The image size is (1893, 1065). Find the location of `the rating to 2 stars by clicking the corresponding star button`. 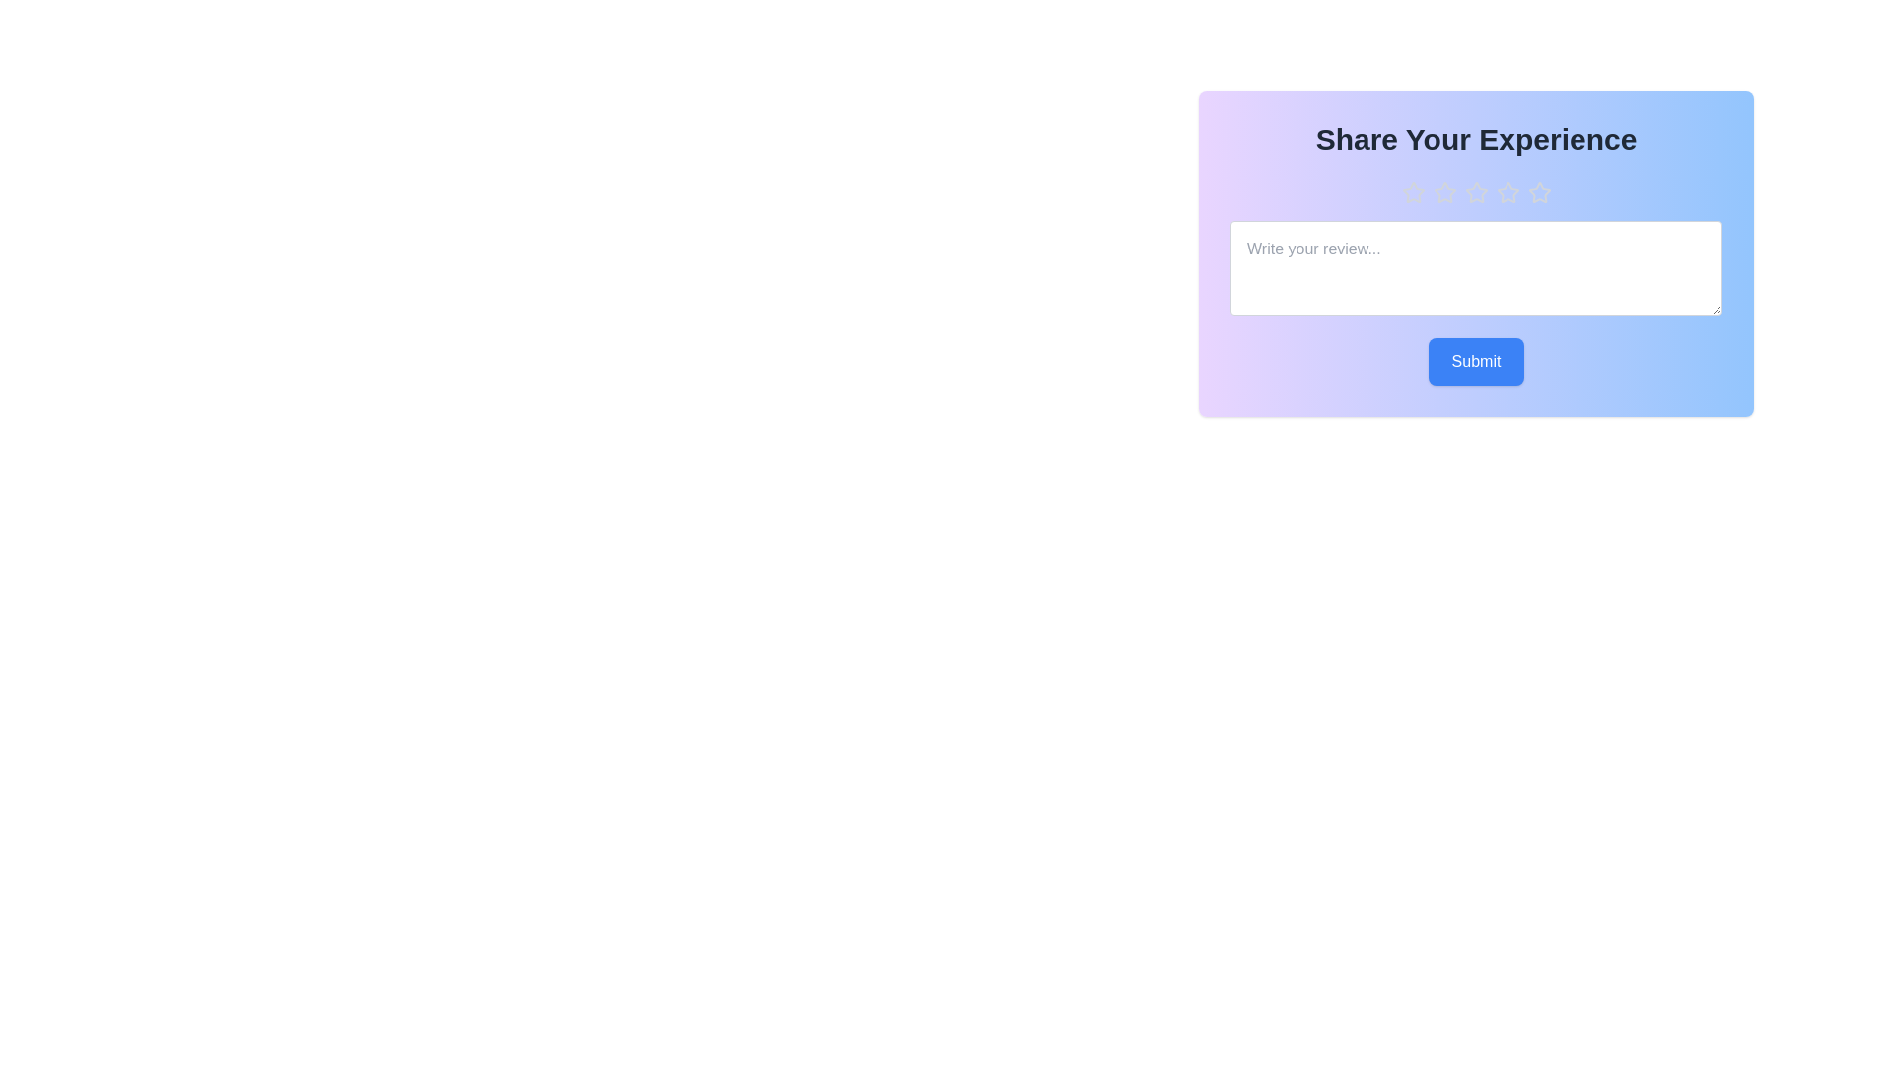

the rating to 2 stars by clicking the corresponding star button is located at coordinates (1444, 193).